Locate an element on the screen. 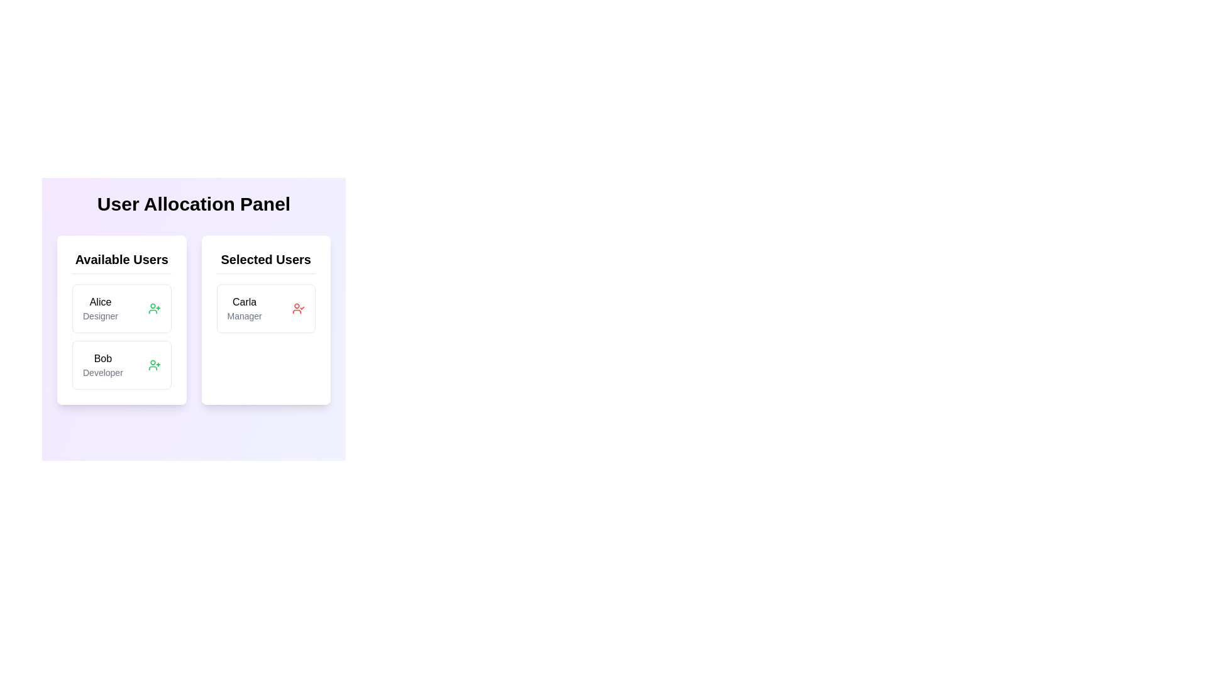  the text display component representing the user 'Bob' who holds the role of 'Developer' is located at coordinates (102, 365).